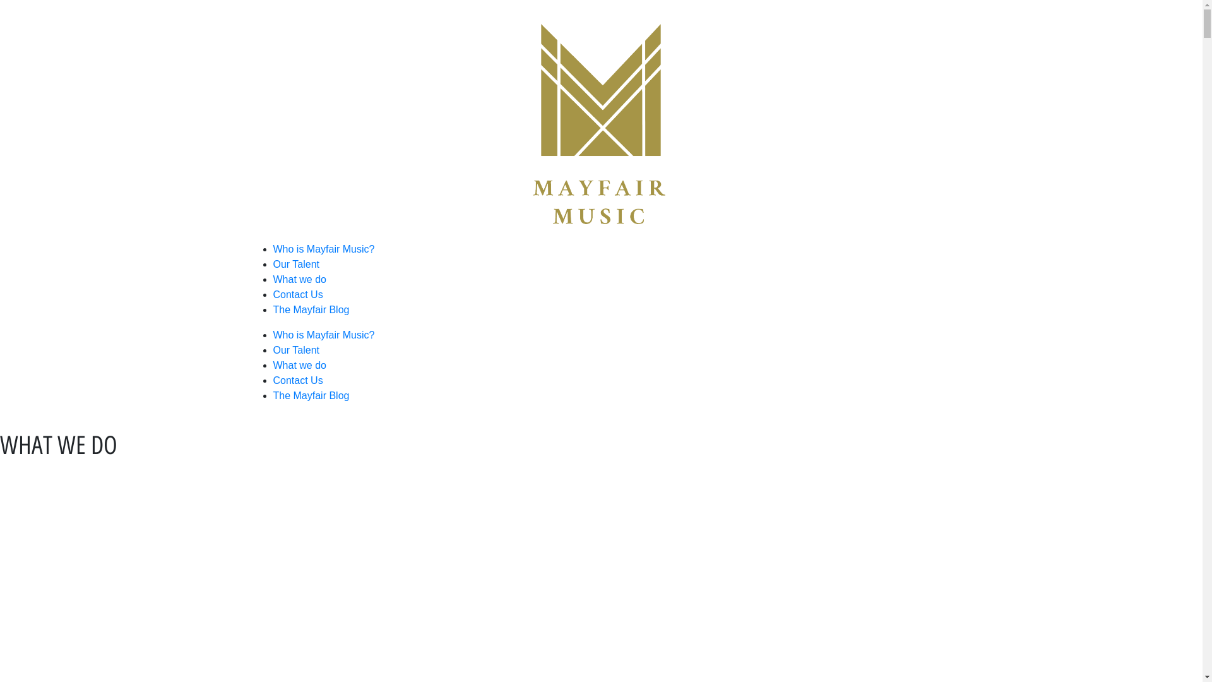  What do you see at coordinates (311, 309) in the screenshot?
I see `'The Mayfair Blog'` at bounding box center [311, 309].